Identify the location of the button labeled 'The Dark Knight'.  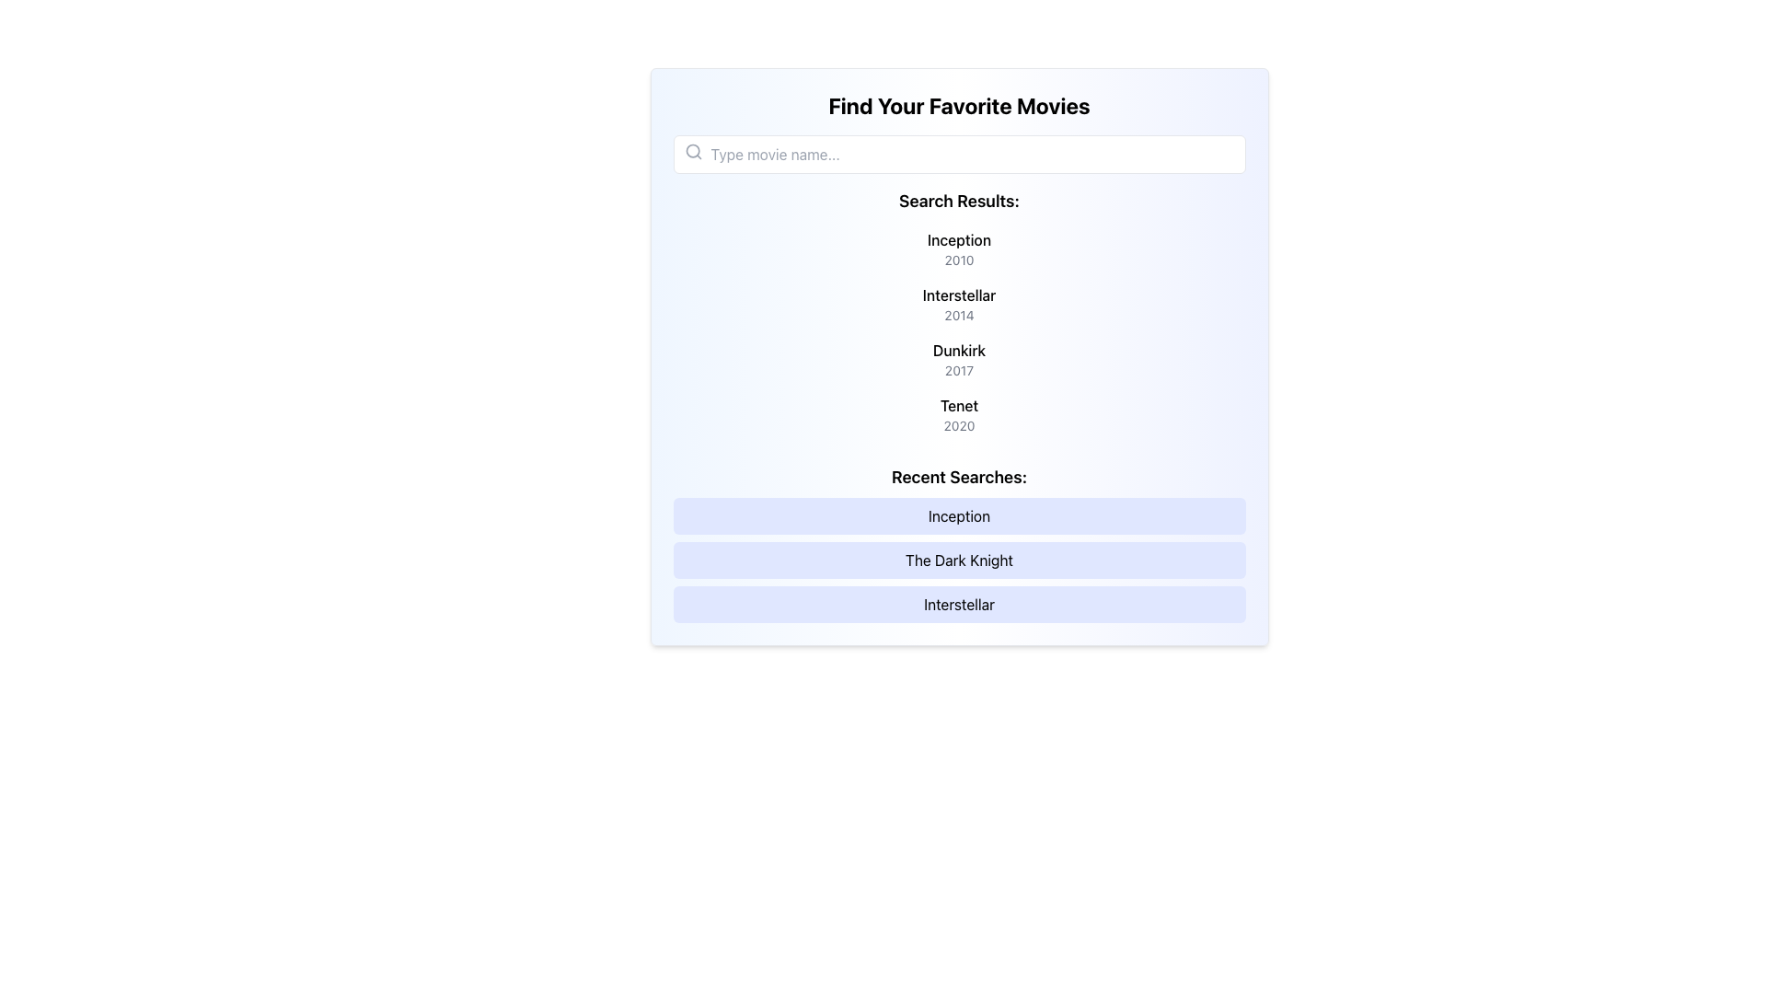
(958, 560).